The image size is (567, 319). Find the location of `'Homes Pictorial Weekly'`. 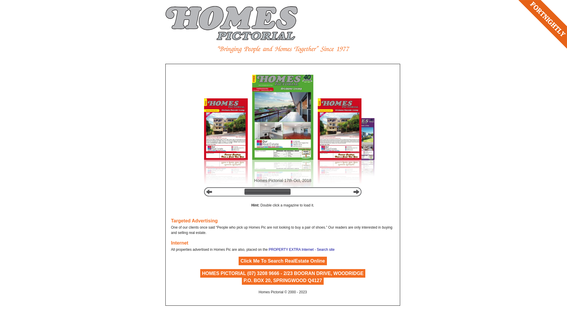

'Homes Pictorial Weekly' is located at coordinates (231, 23).